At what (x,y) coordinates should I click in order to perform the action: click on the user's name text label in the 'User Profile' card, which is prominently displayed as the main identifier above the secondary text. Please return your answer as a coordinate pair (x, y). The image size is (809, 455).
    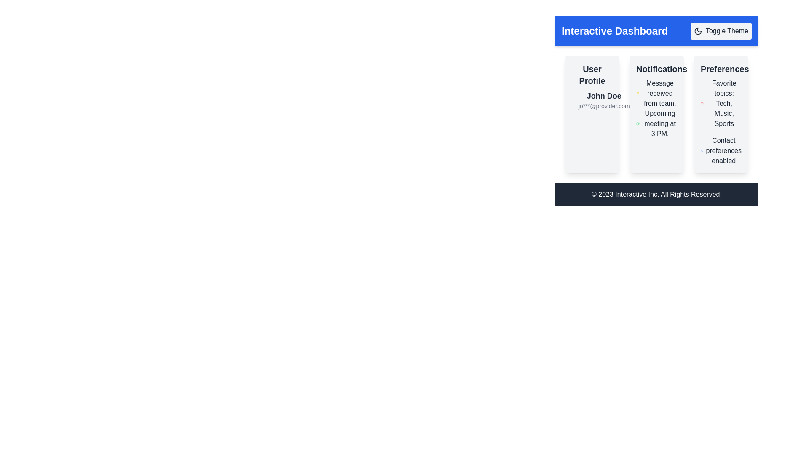
    Looking at the image, I should click on (603, 95).